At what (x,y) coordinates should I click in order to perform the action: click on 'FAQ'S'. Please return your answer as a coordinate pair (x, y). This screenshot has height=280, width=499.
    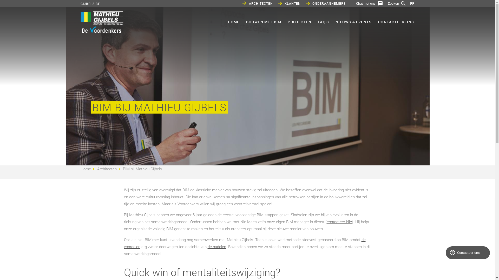
    Looking at the image, I should click on (323, 22).